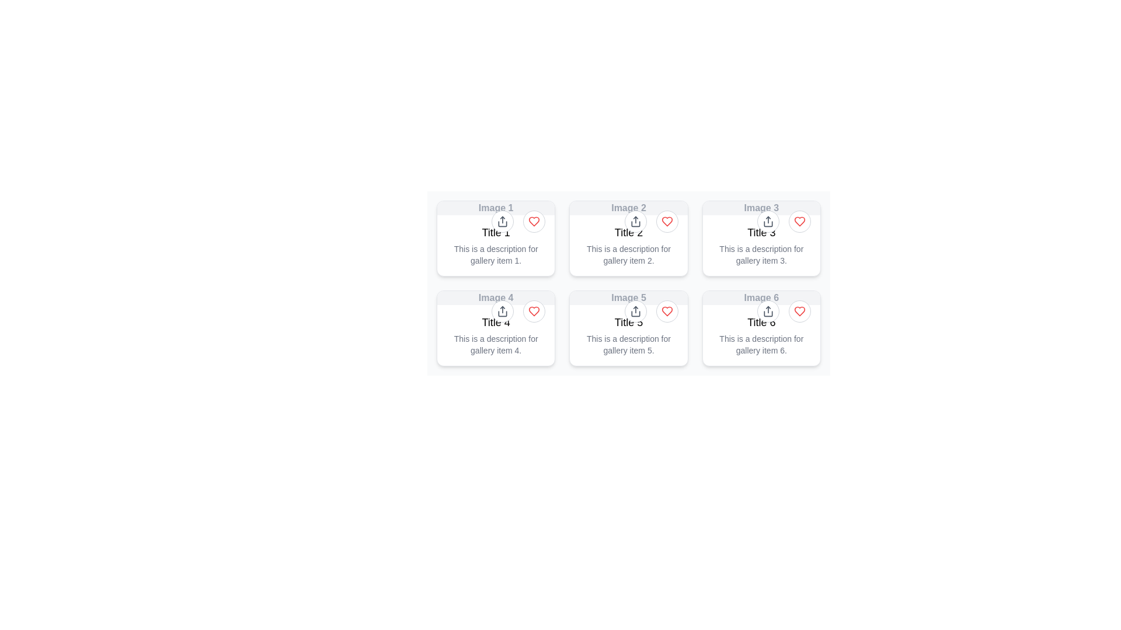 This screenshot has width=1121, height=630. What do you see at coordinates (635, 310) in the screenshot?
I see `the share icon button located in the top left corner of the card labeled 'Image 5' to initiate a share action` at bounding box center [635, 310].